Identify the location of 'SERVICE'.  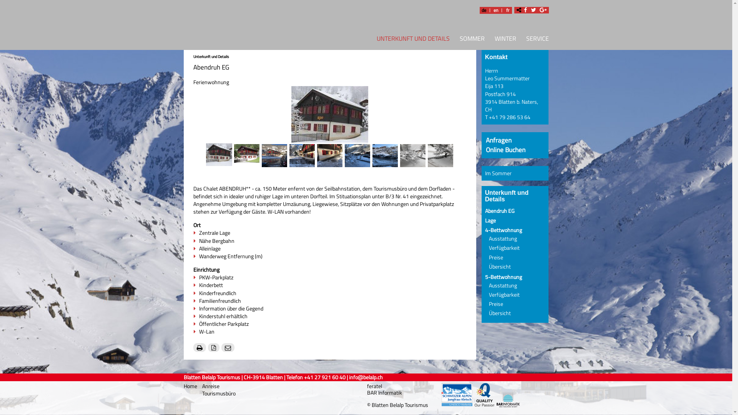
(535, 40).